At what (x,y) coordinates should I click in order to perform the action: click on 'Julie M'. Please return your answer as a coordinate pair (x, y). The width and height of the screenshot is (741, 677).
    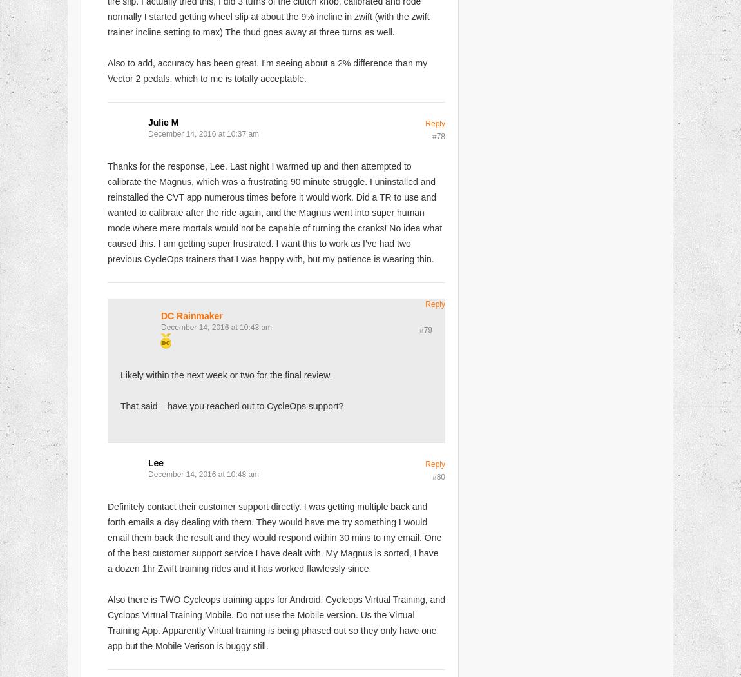
    Looking at the image, I should click on (148, 121).